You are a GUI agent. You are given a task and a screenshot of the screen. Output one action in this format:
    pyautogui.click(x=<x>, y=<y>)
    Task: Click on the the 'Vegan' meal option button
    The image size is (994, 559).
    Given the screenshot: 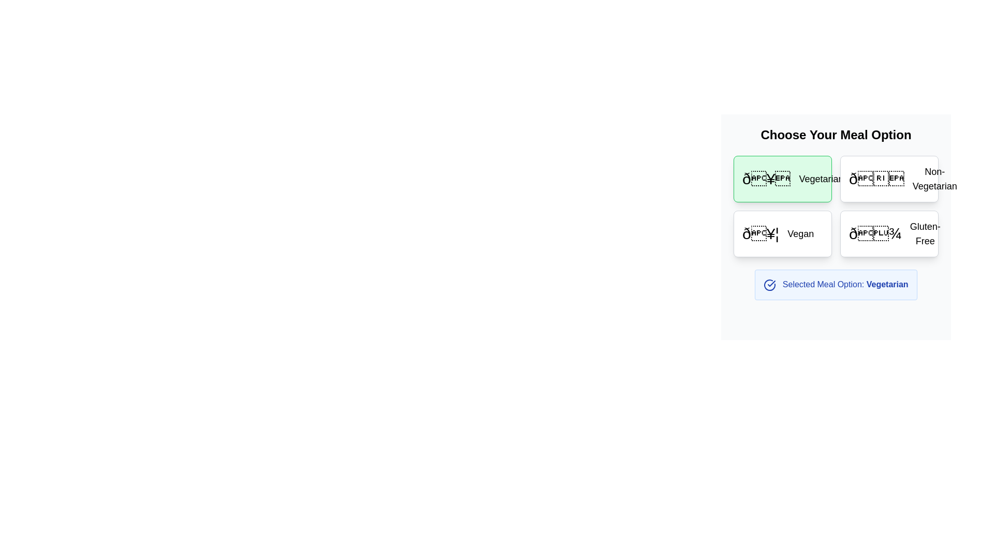 What is the action you would take?
    pyautogui.click(x=783, y=233)
    